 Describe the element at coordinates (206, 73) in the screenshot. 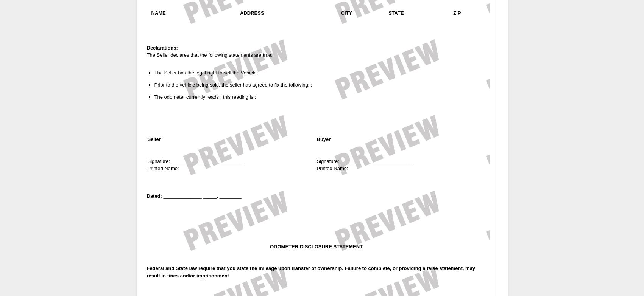

I see `'The Seller has the legal right to sell the Vehicle;'` at that location.